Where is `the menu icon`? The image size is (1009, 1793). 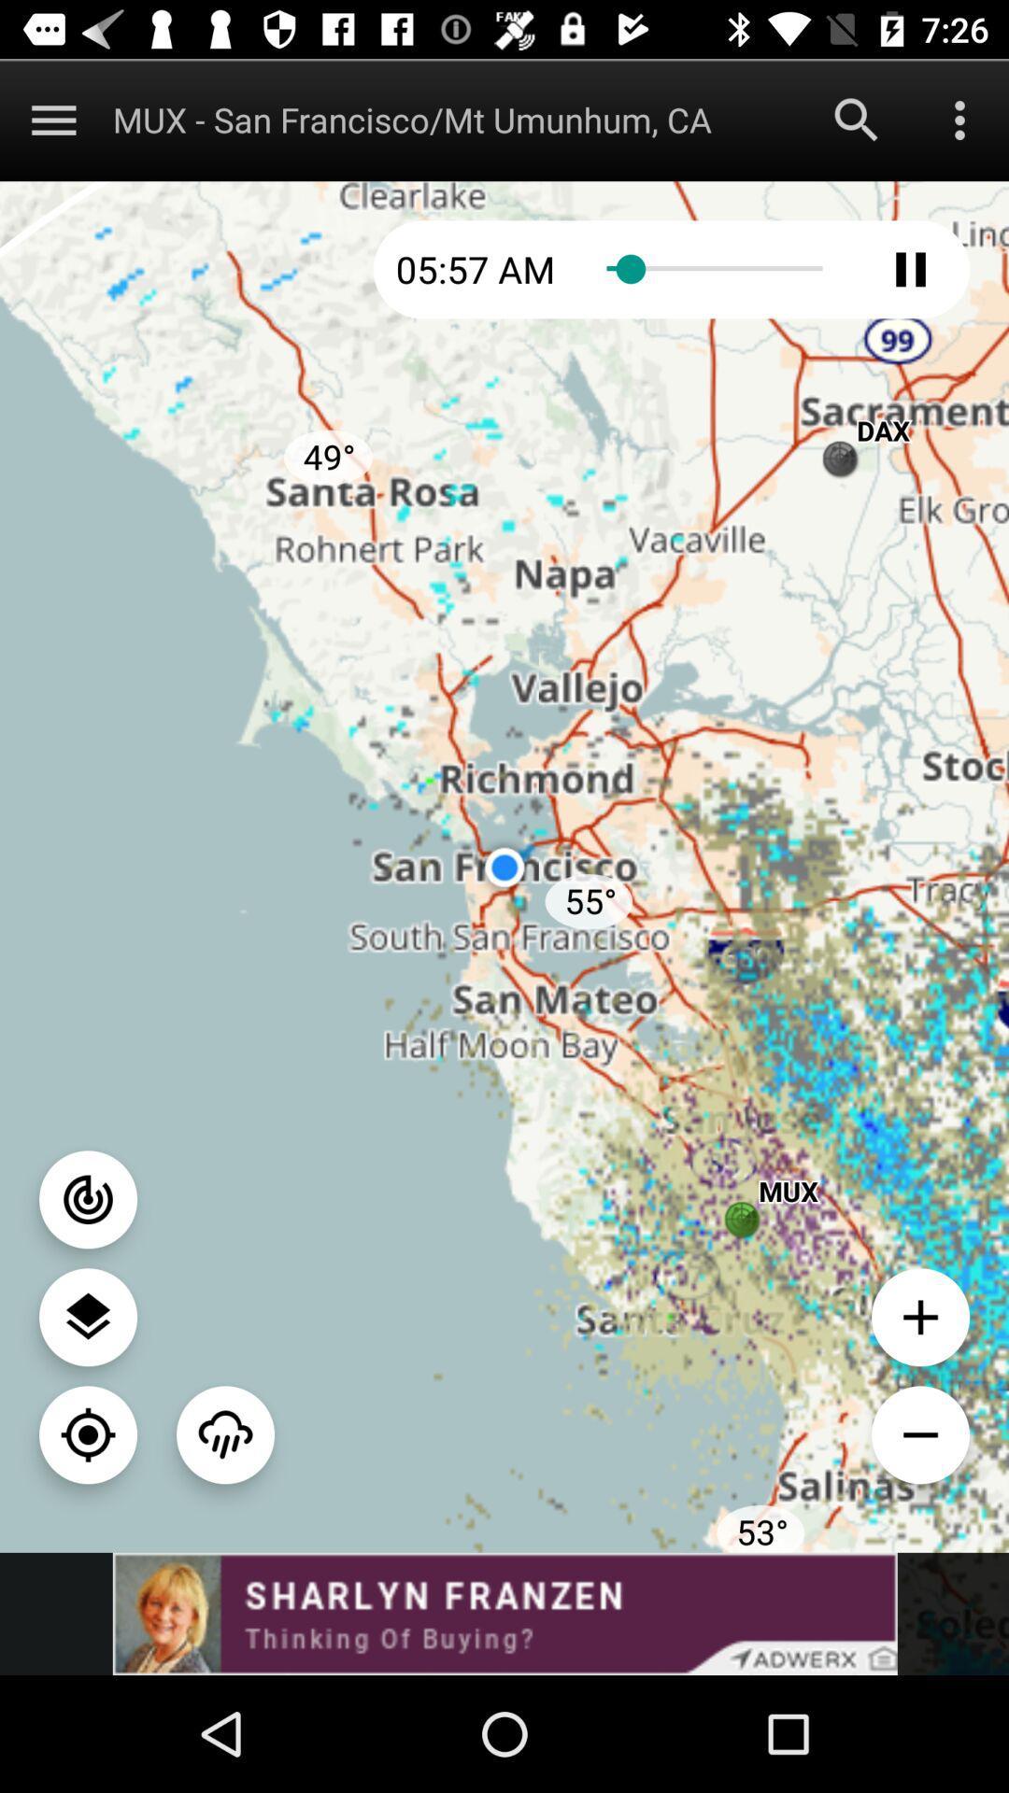
the menu icon is located at coordinates (52, 119).